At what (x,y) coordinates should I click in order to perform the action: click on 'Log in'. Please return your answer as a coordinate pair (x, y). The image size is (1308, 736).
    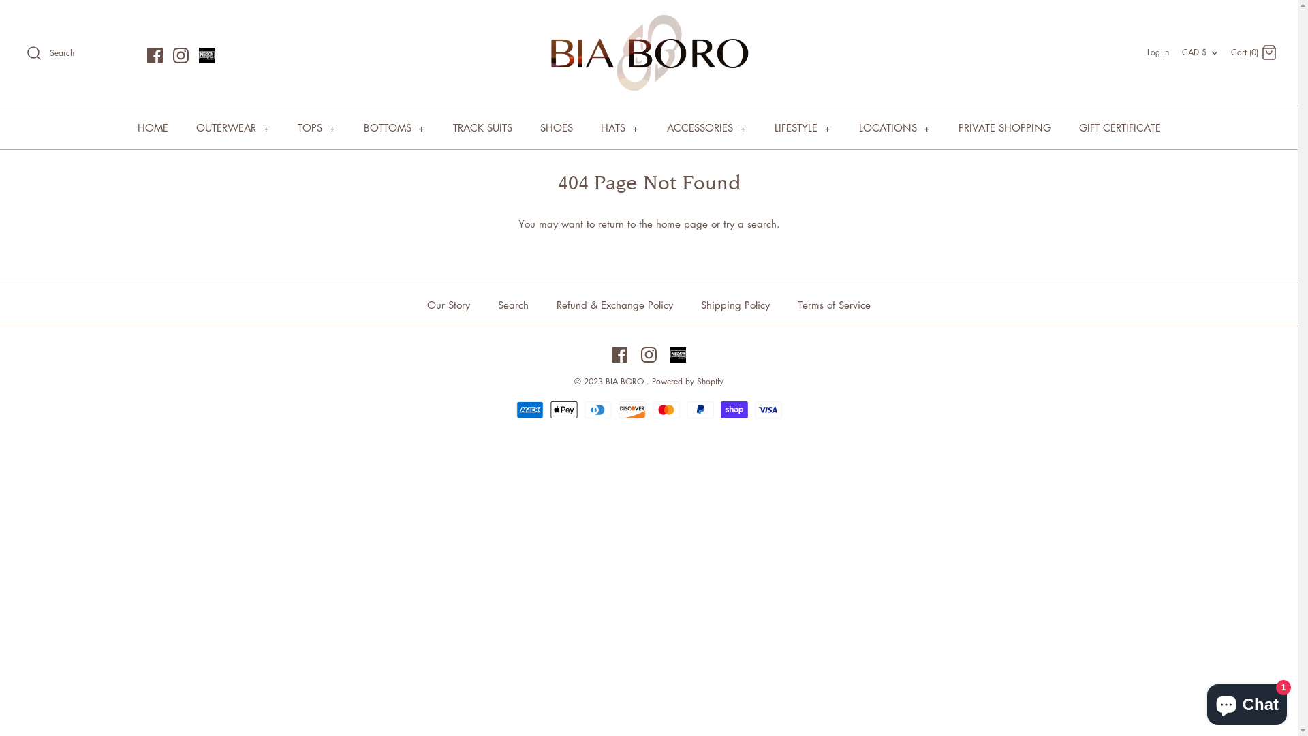
    Looking at the image, I should click on (1147, 51).